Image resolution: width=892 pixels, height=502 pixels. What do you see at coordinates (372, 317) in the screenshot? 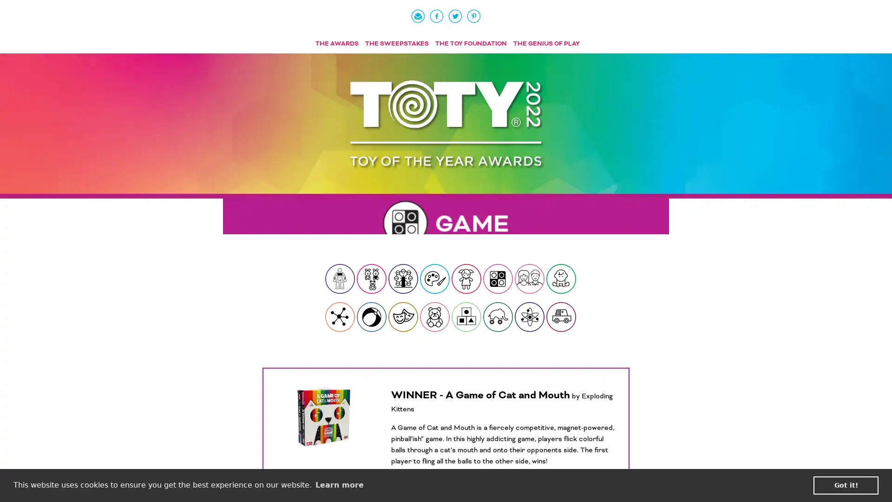
I see `Submit` at bounding box center [372, 317].